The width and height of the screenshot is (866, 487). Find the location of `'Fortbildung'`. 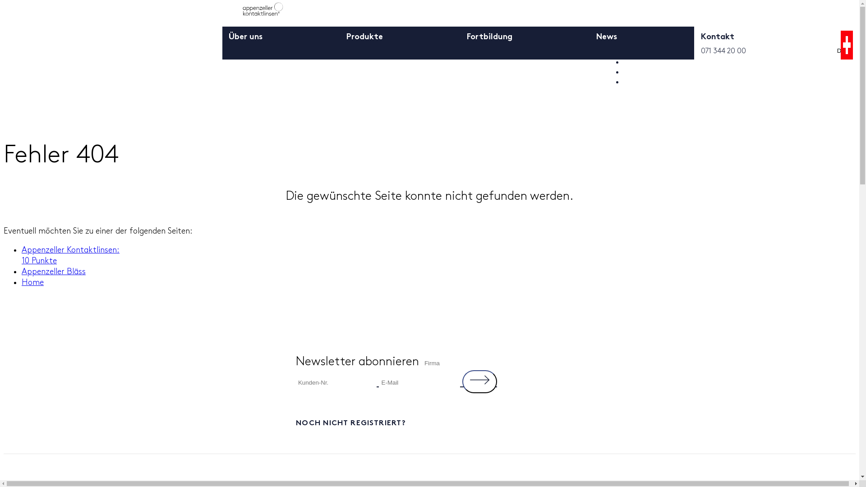

'Fortbildung' is located at coordinates (489, 41).